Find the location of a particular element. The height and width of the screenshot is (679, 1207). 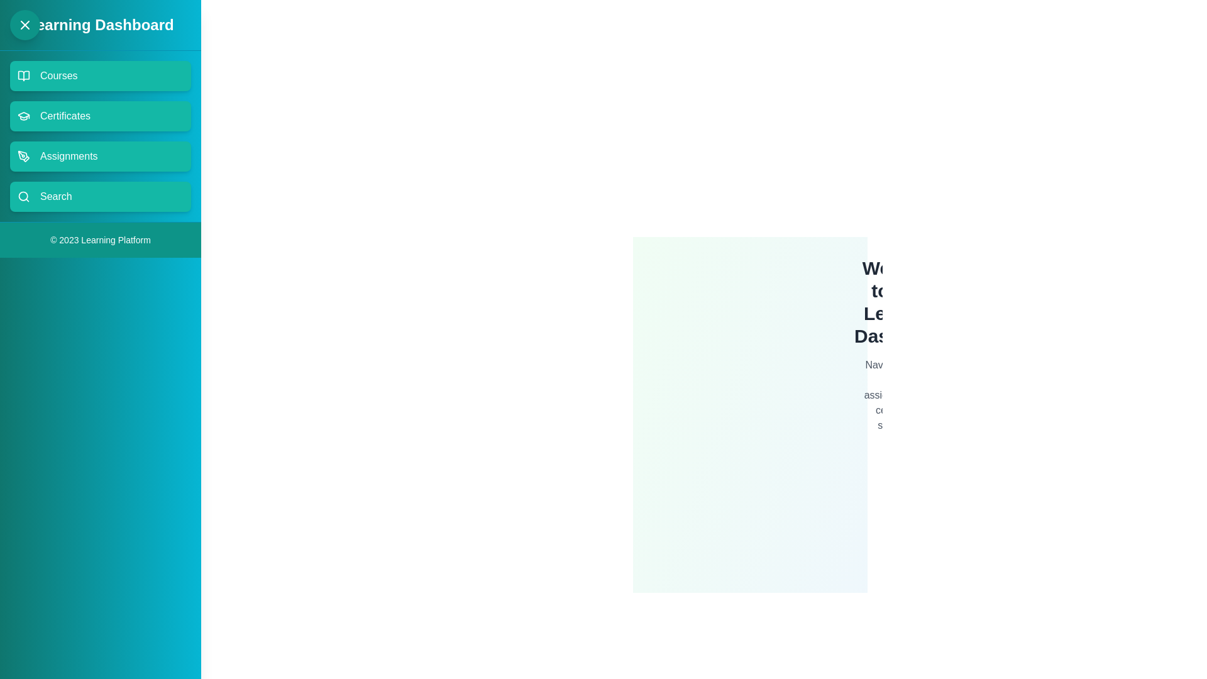

the graphical representation of the SVG icon within the 'Assignments' button in the sidebar menu is located at coordinates (24, 156).